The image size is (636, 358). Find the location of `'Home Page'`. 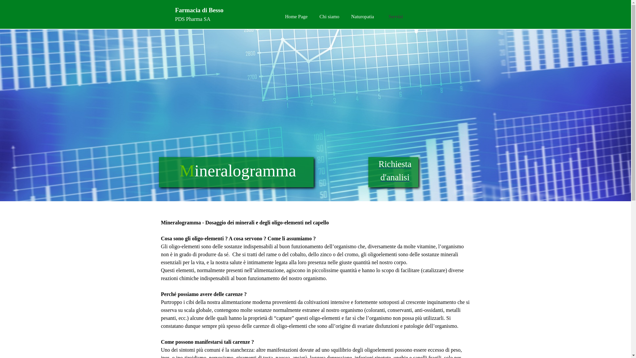

'Home Page' is located at coordinates (280, 16).